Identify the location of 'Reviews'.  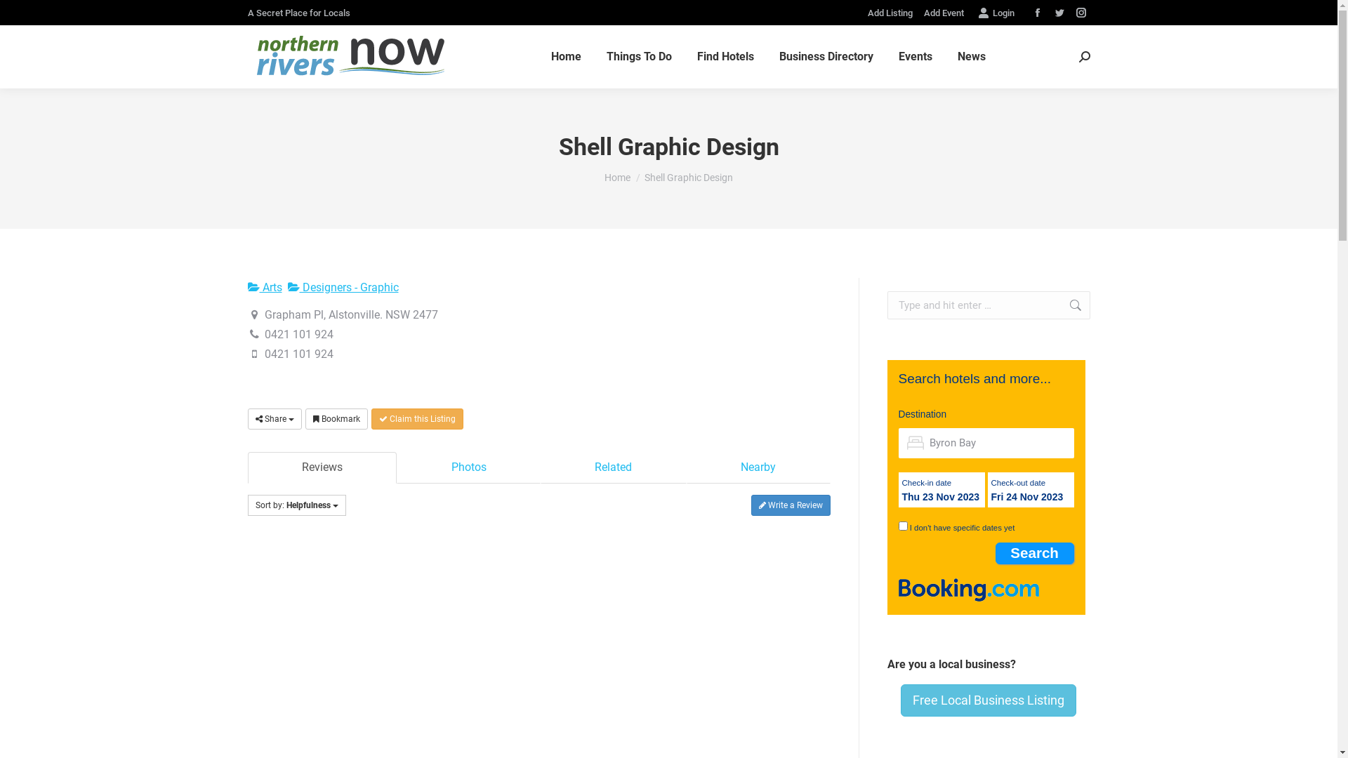
(321, 467).